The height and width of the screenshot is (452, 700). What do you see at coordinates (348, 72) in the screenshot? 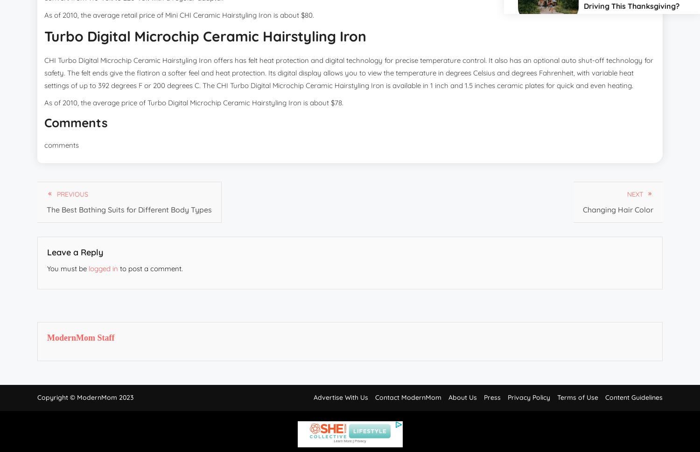
I see `'CHI Turbo Digital Microchip Ceramic Hairstyling Iron offers has felt heat protection and digital technology for precise temperature control. It also has an optional auto shut-off technology for safety. The felt ends give the flatiron a softer feel and heat protection. Its digital display allows you to view the temperature in degrees Celsius and degrees Fahrenheit, with variable heat settings of up to 392 degrees F or 200 degrees C. The CHI Turbo Digital Microchip Ceramic Hairstyling Iron is available in 1 inch and 1.5 inches ceramic plates for quick and even heating.'` at bounding box center [348, 72].